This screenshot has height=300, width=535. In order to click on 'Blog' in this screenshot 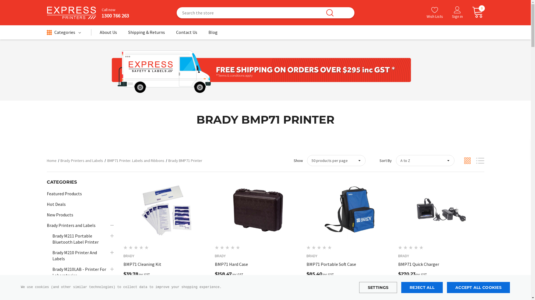, I will do `click(213, 34)`.